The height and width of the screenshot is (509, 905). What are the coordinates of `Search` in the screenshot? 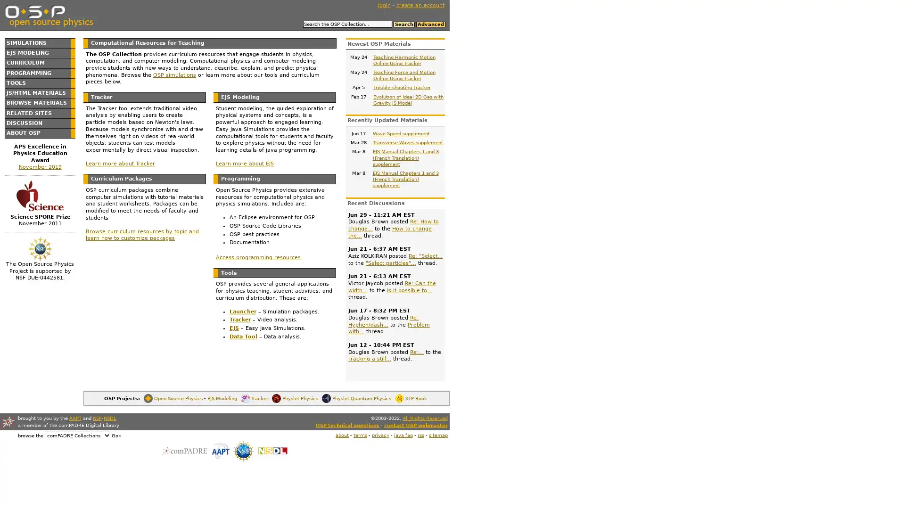 It's located at (403, 24).